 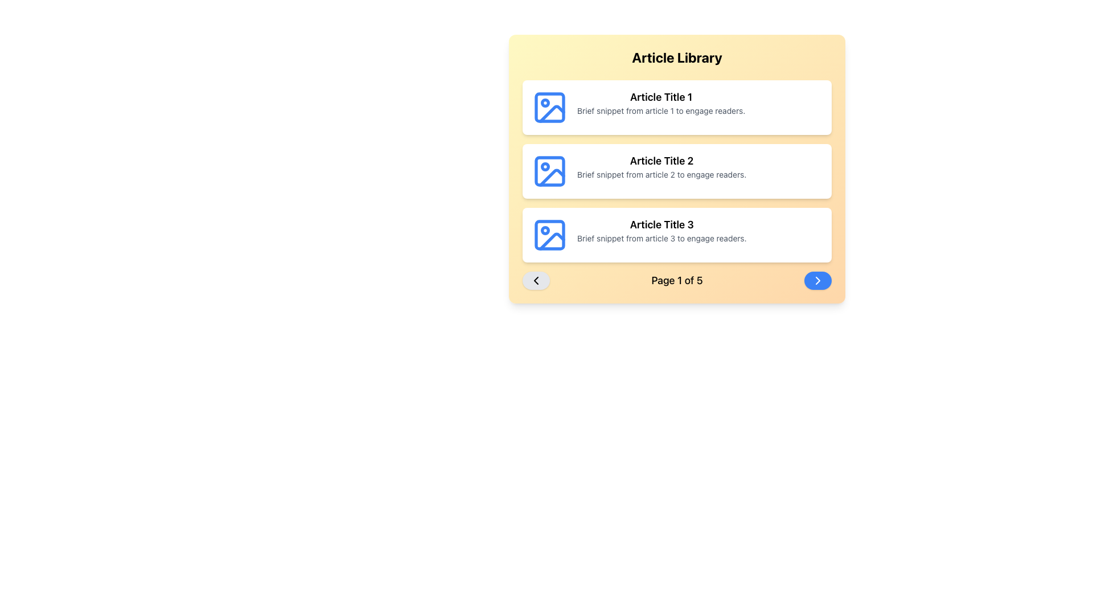 What do you see at coordinates (661, 161) in the screenshot?
I see `the text label displaying 'Article Title 2', which is part of a list of articles and positioned vertically between 'Article Title 1' and 'Article Title 3'` at bounding box center [661, 161].